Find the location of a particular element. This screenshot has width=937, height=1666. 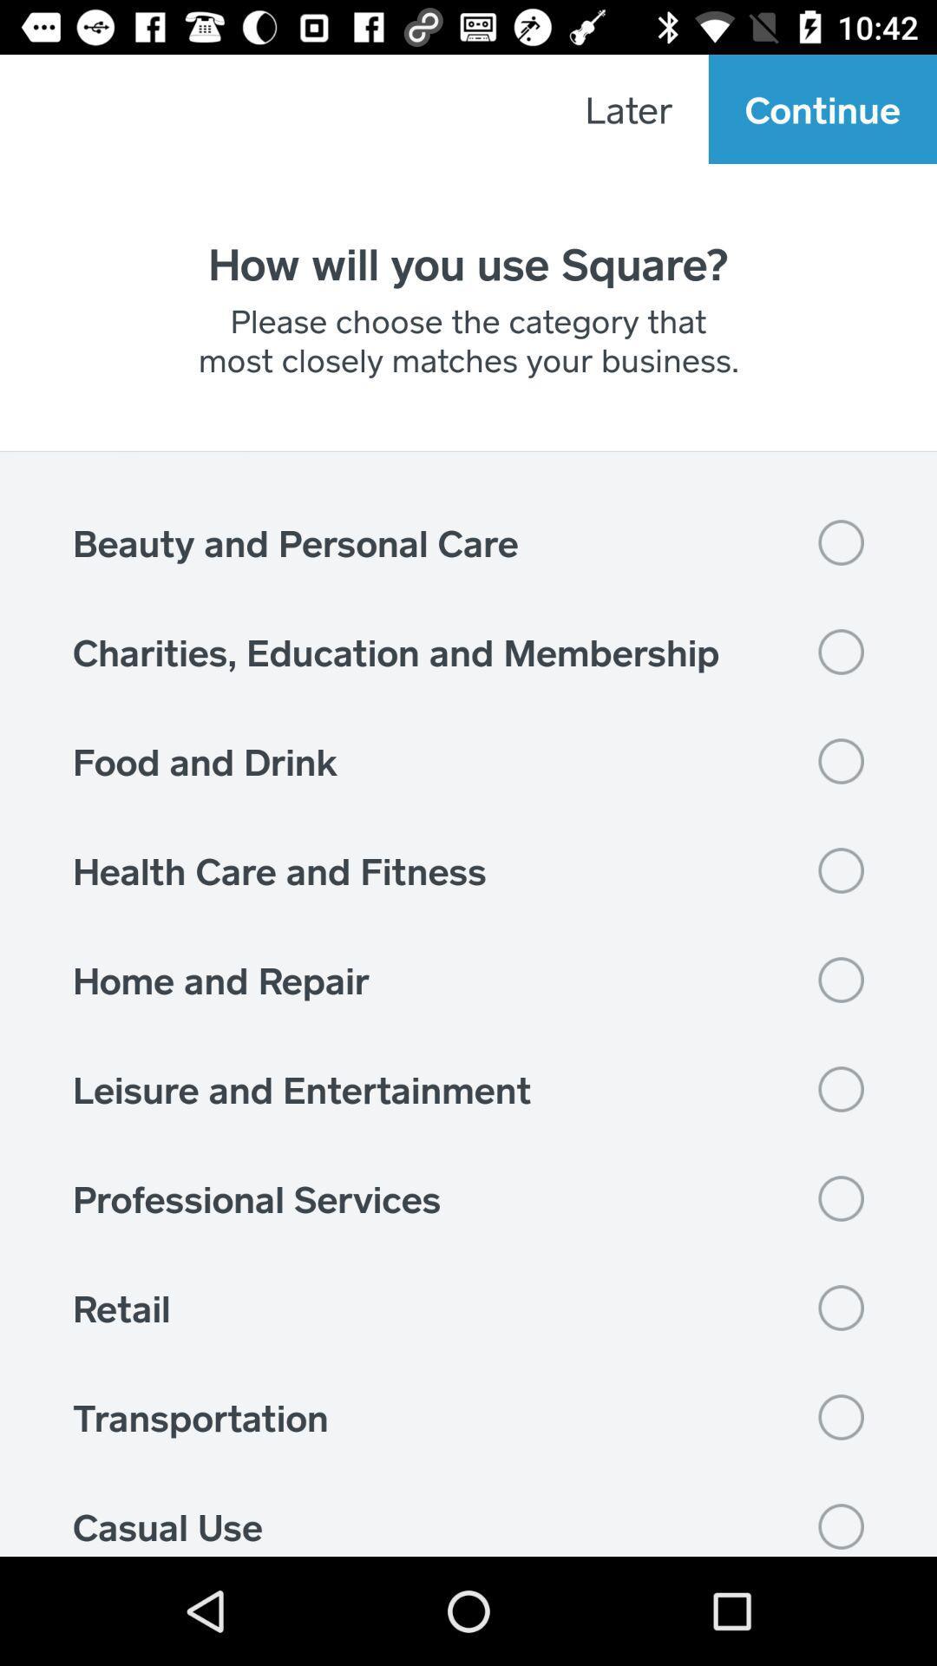

how will you is located at coordinates (468, 262).